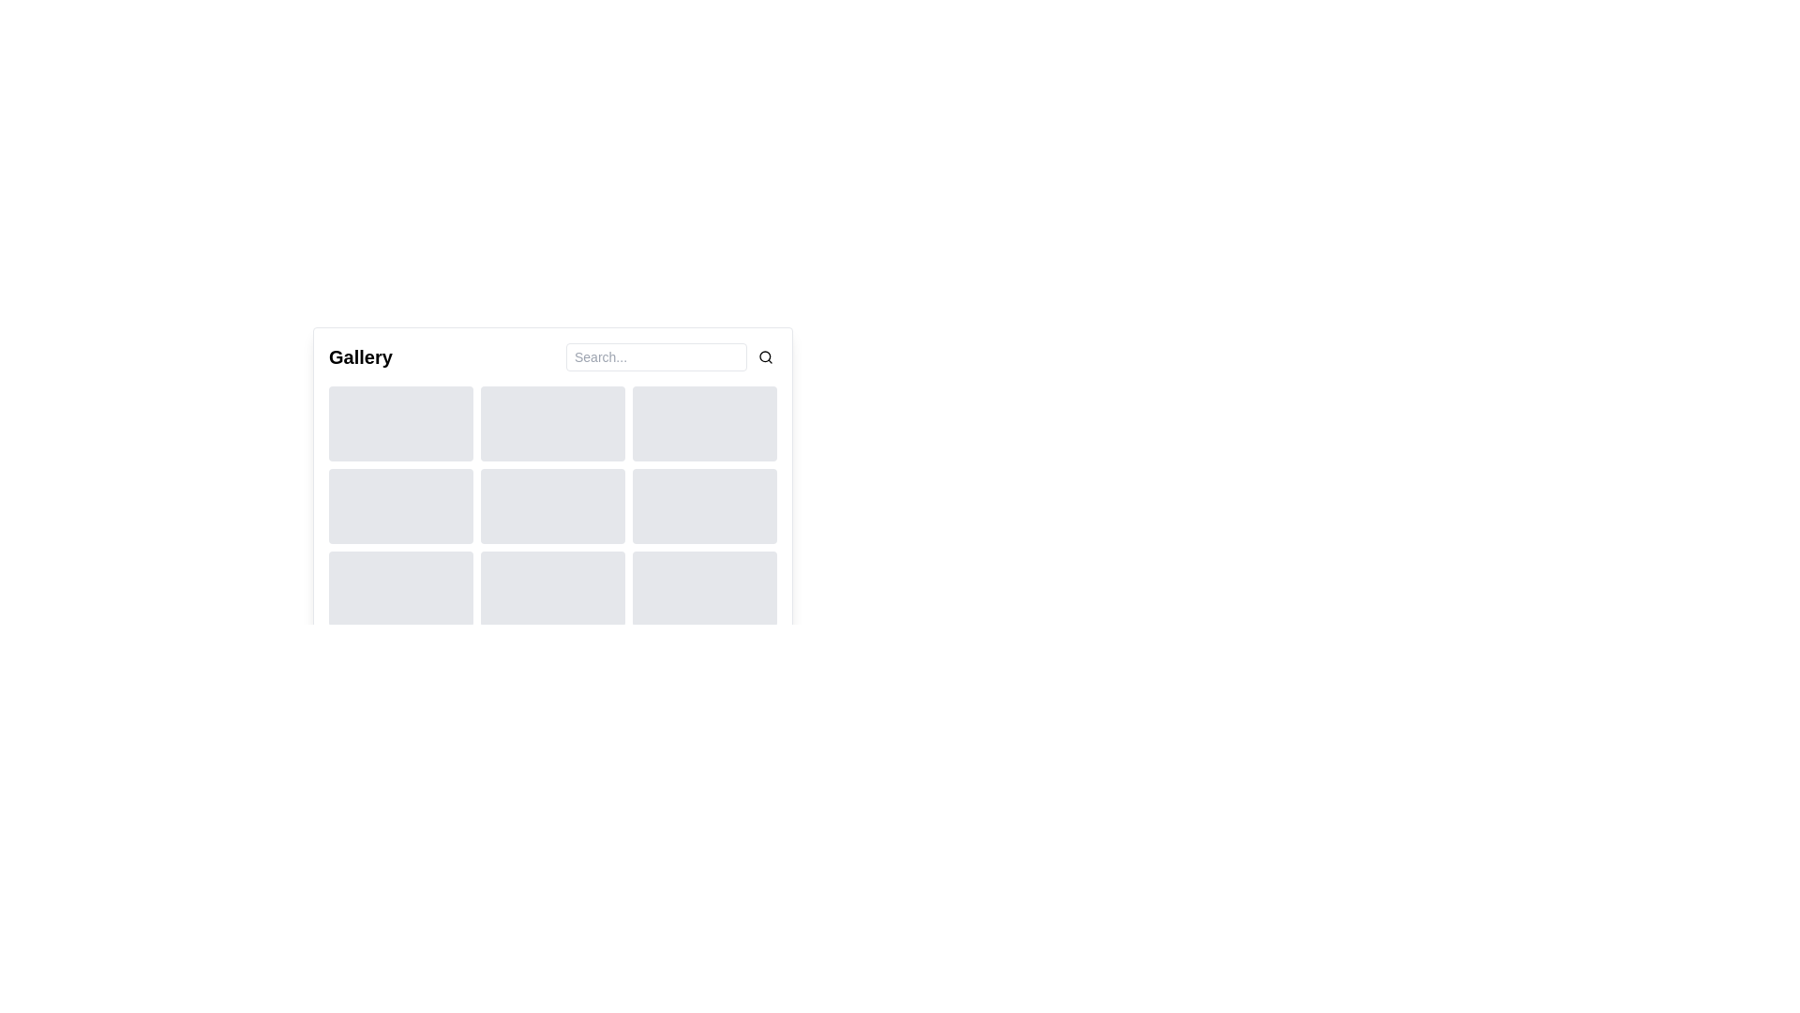 Image resolution: width=1800 pixels, height=1013 pixels. I want to click on the small circular element that forms the main body of the magnifying glass icon, which is located to the right of a text input field in the upper right corner of the gallery interface, so click(765, 356).